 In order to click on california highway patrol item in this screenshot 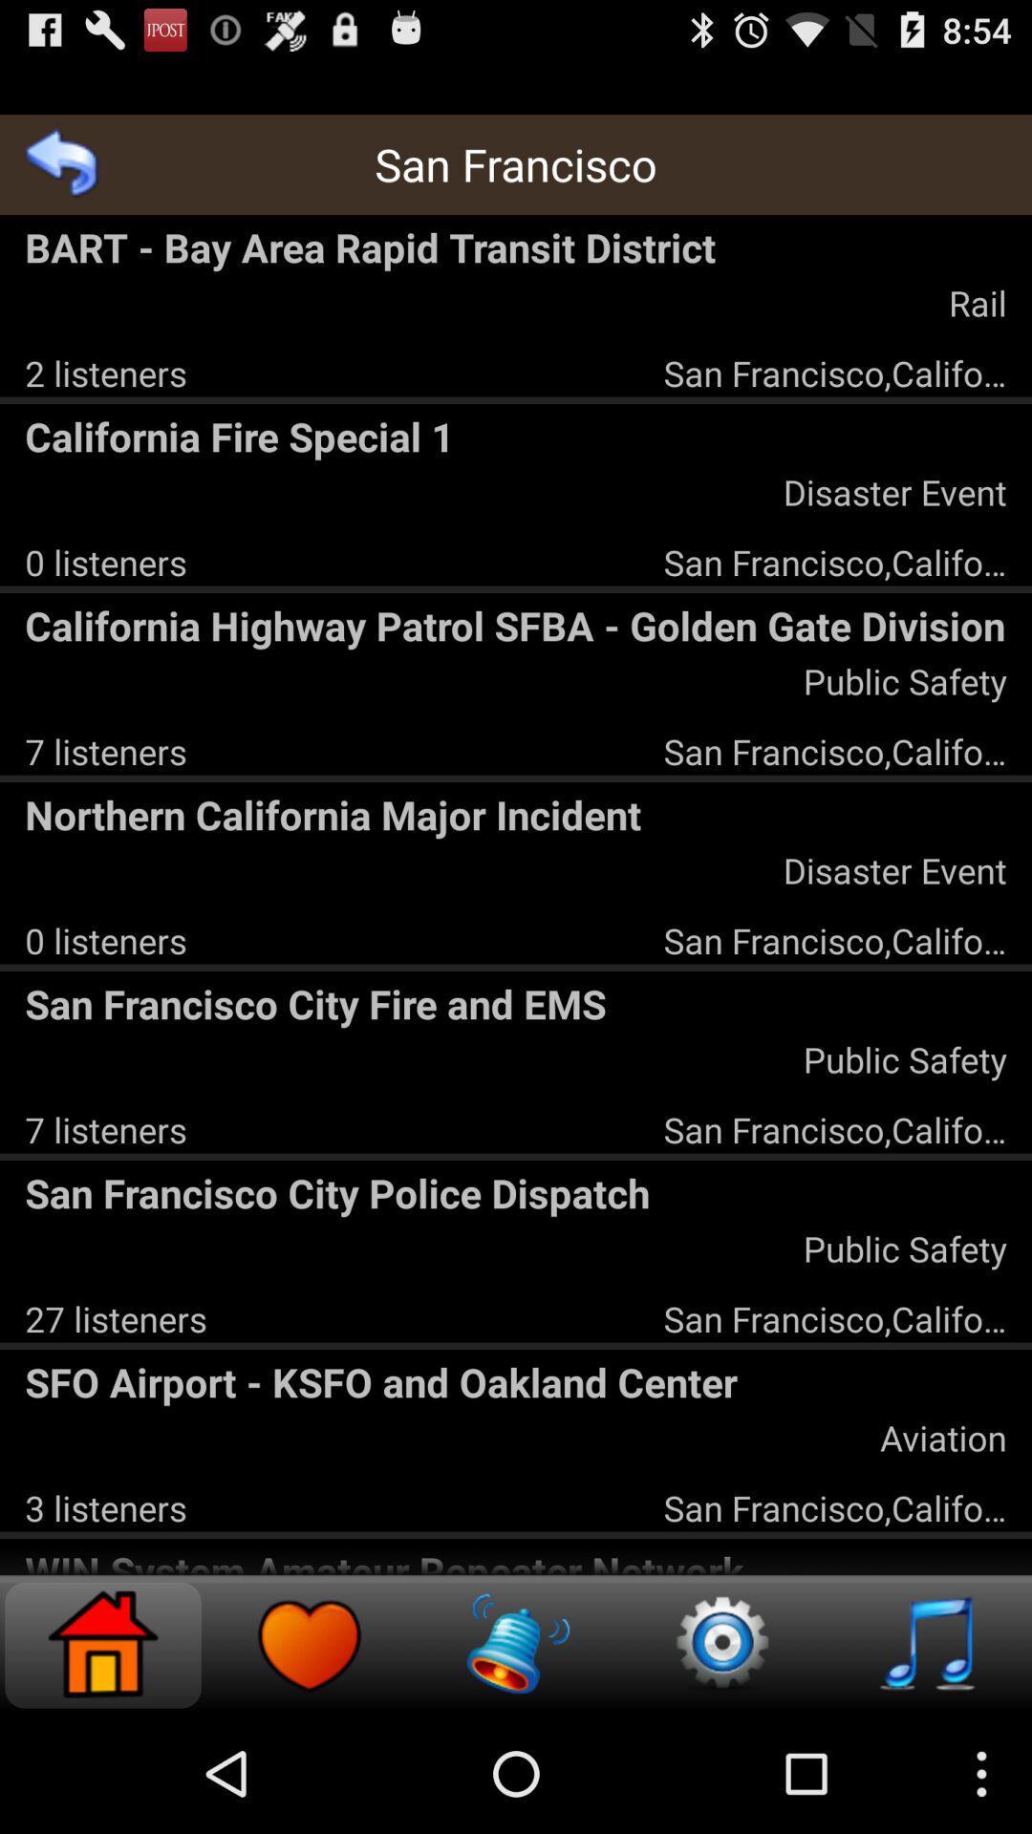, I will do `click(516, 625)`.